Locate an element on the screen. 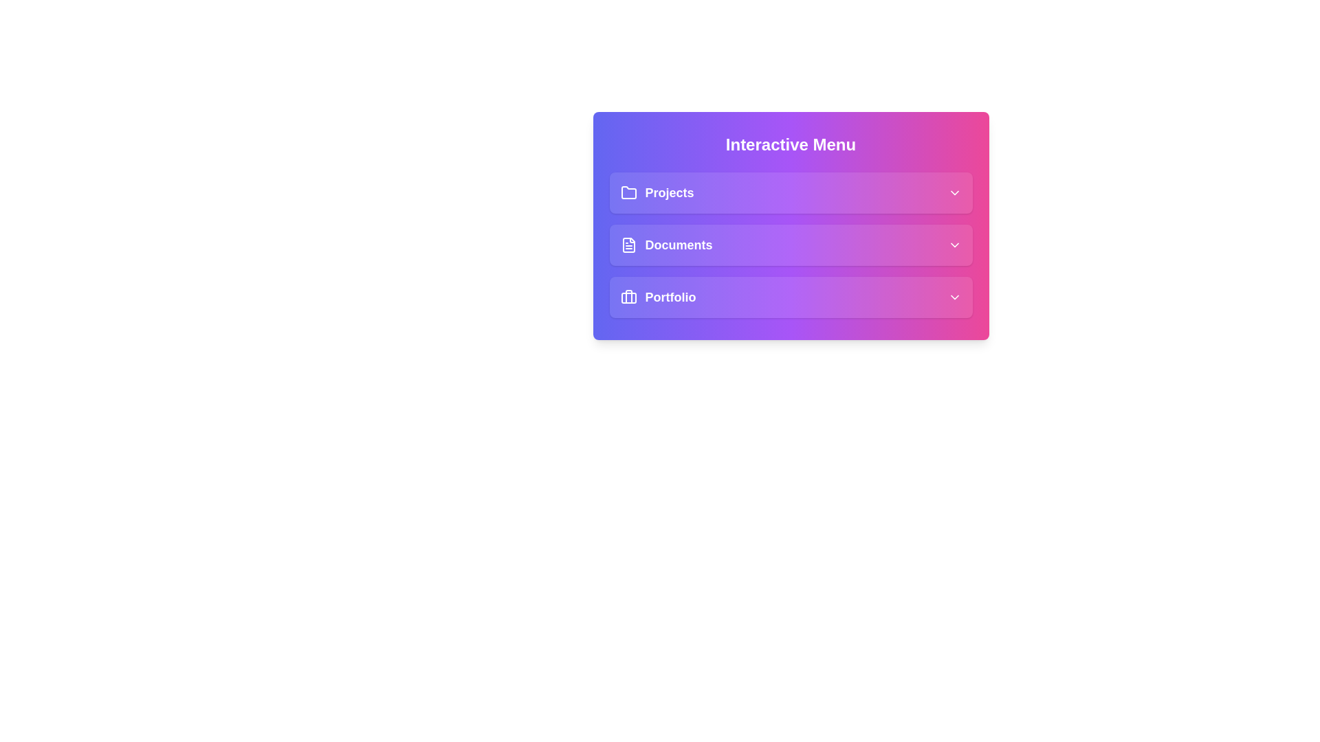  the project or folder icon located at the top-left corner of the 'Projects' label in the first row of the interactive menu is located at coordinates (628, 193).